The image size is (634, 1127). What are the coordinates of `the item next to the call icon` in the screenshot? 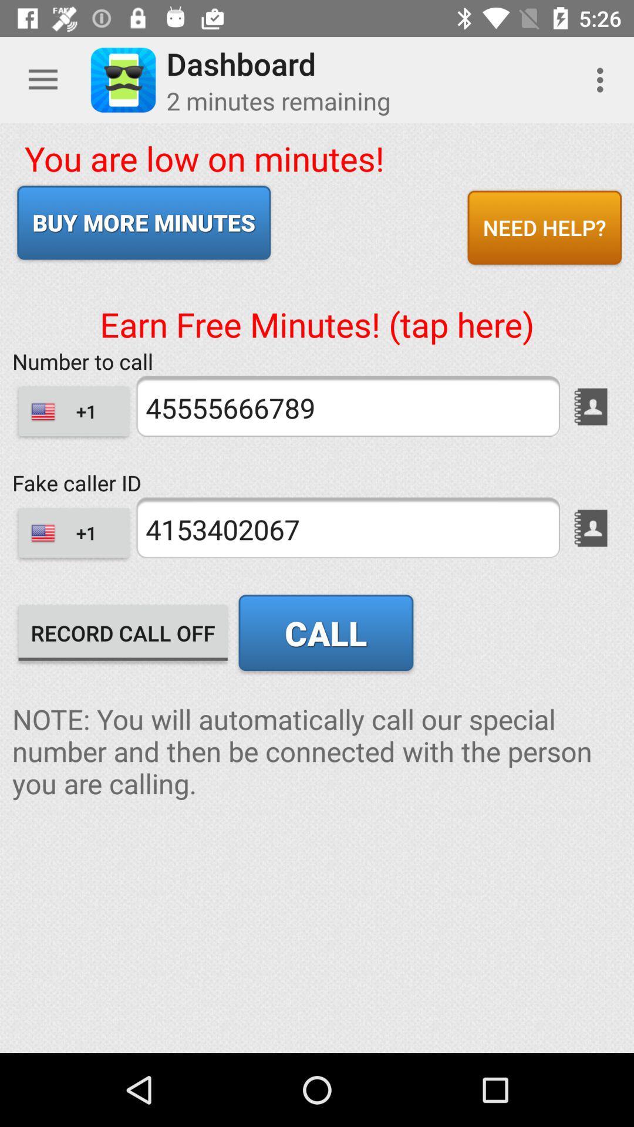 It's located at (123, 632).